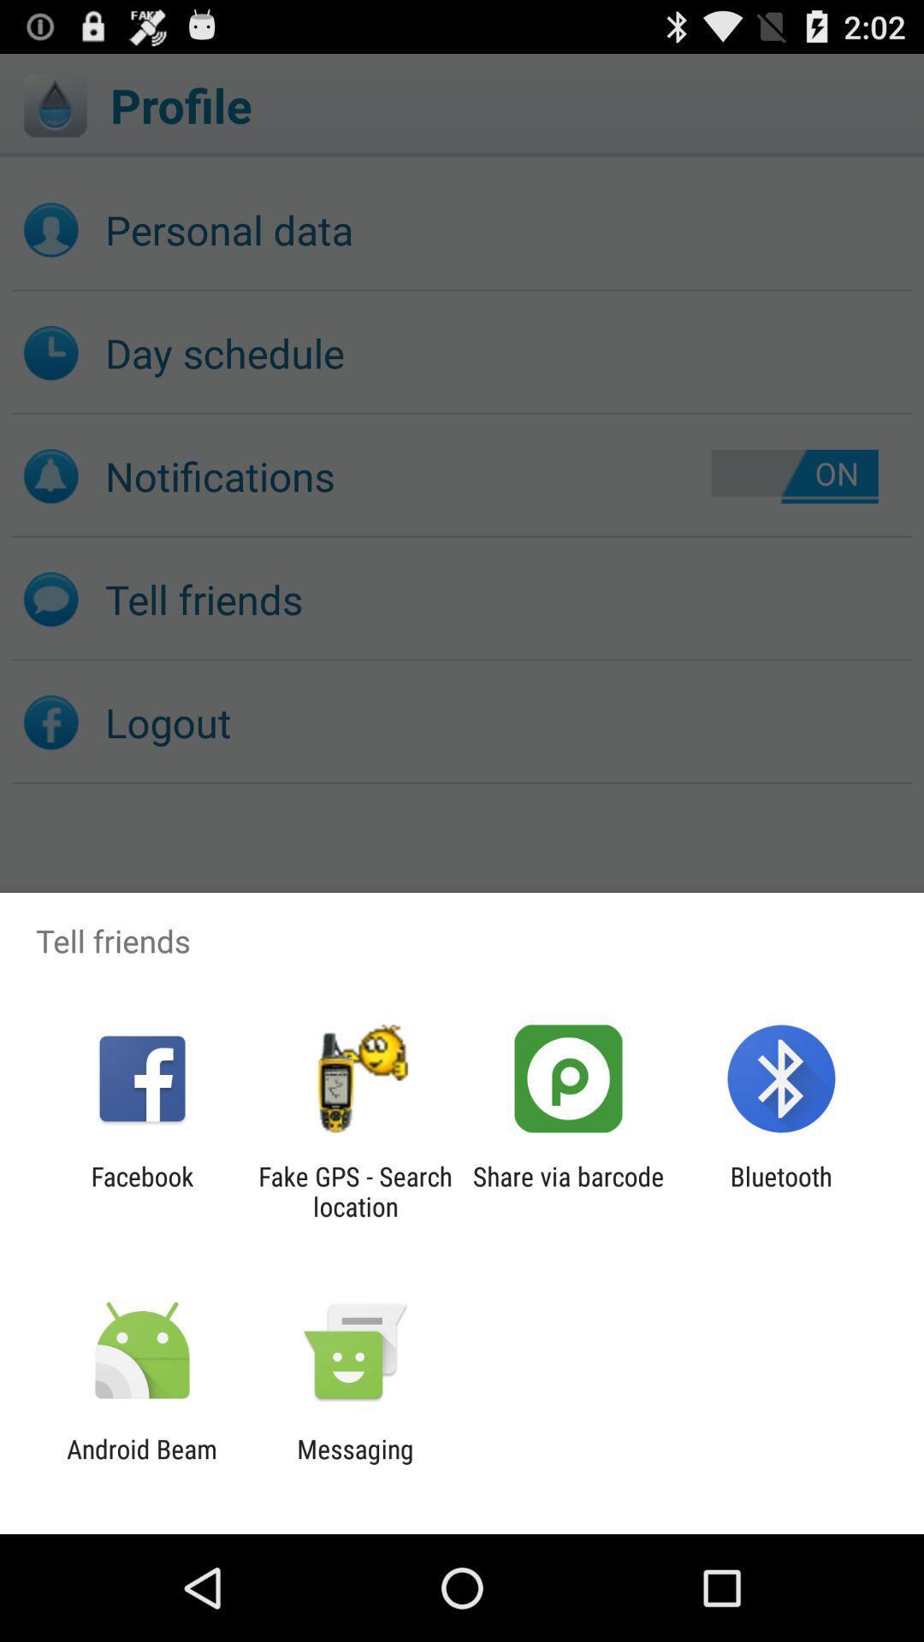  What do you see at coordinates (141, 1463) in the screenshot?
I see `the item next to the messaging app` at bounding box center [141, 1463].